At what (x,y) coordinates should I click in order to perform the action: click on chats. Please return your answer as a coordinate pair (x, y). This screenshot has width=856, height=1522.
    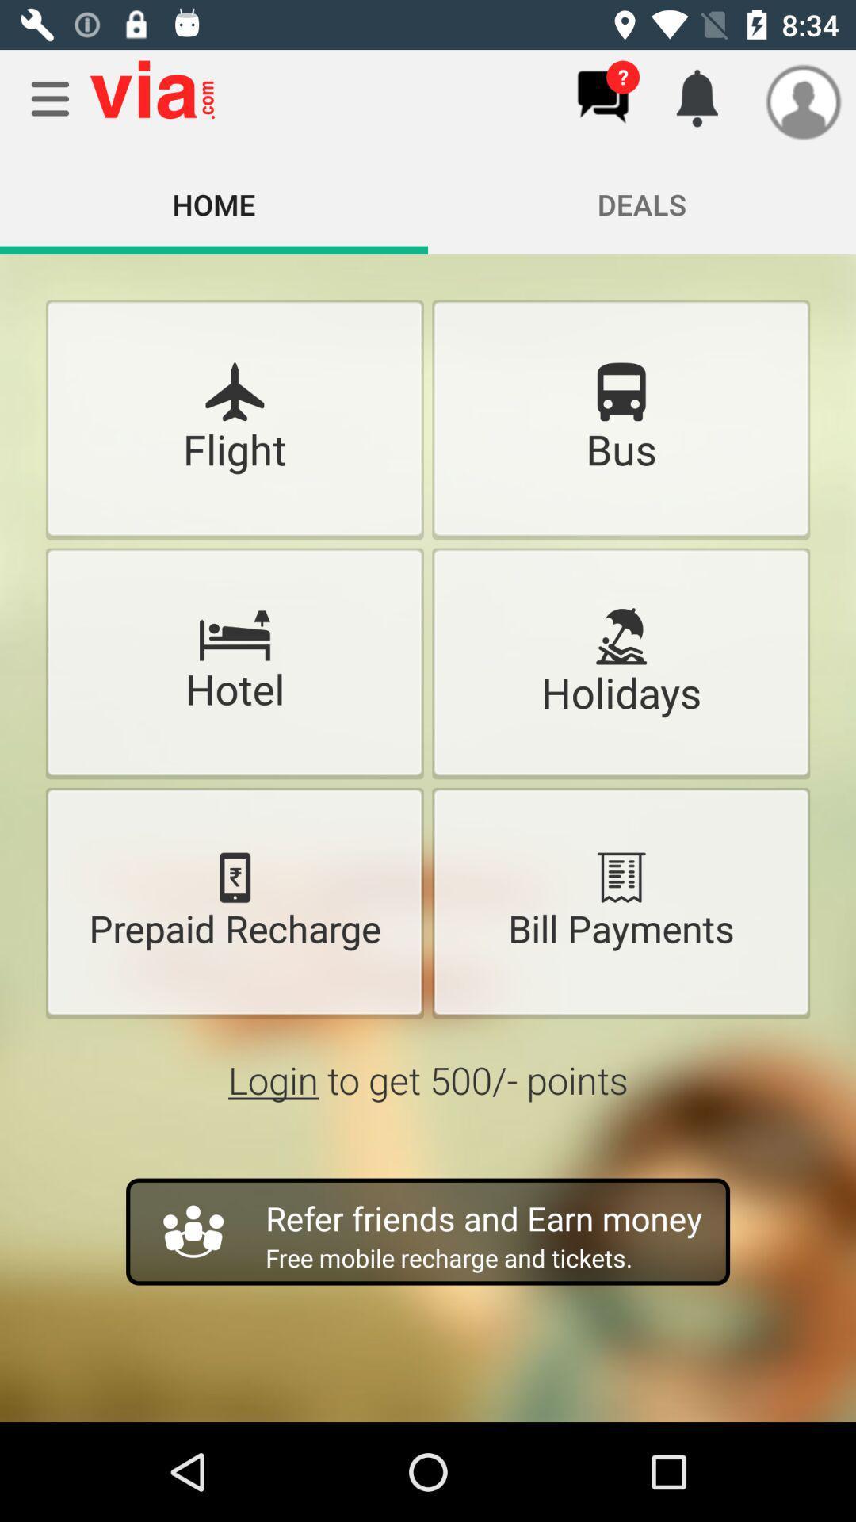
    Looking at the image, I should click on (602, 96).